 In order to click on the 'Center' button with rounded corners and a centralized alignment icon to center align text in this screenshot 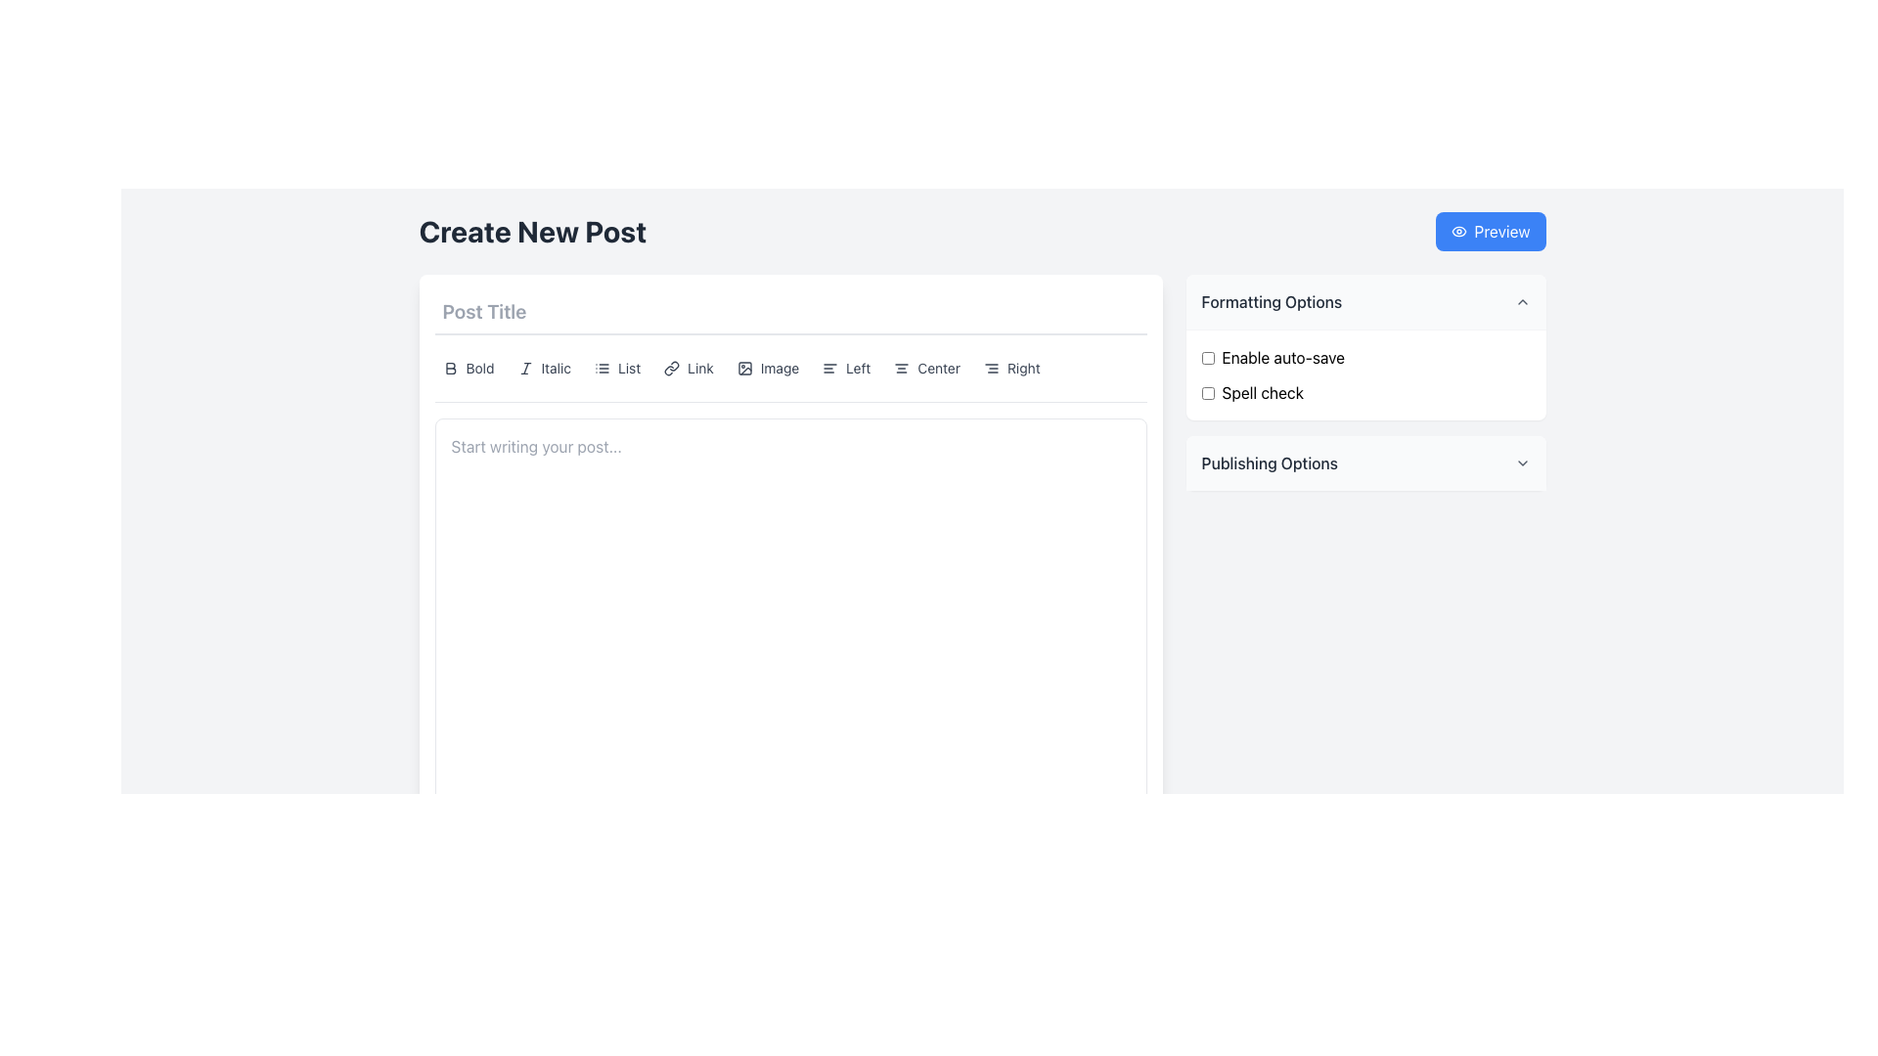, I will do `click(926, 369)`.